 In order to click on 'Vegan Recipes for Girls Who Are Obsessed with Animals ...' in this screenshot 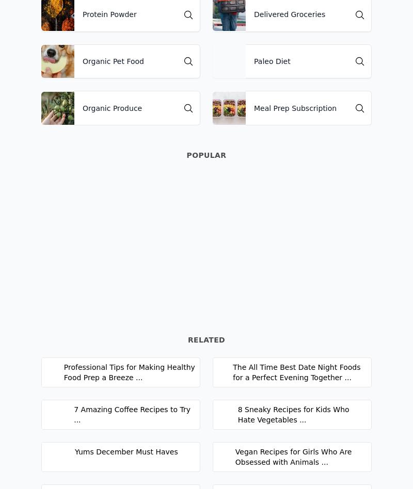, I will do `click(293, 455)`.